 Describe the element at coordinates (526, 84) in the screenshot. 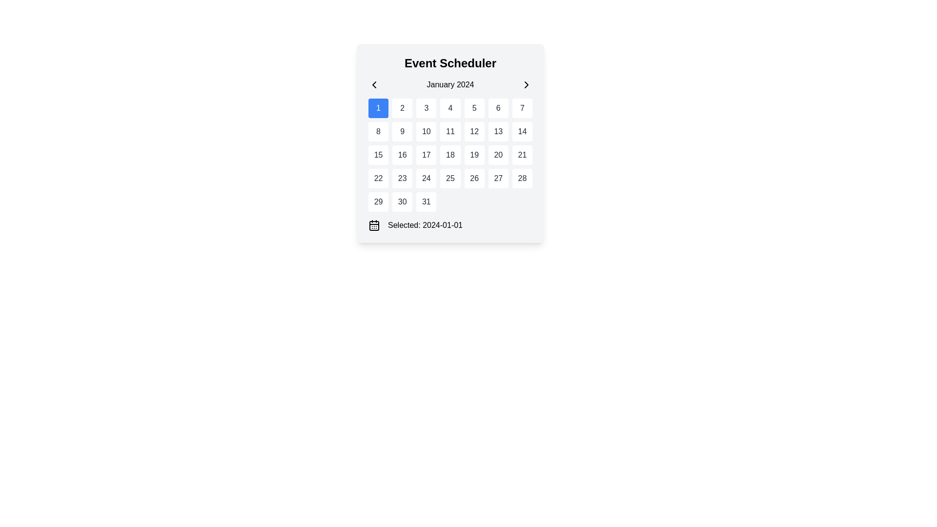

I see `the right arrow icon button next to the text 'January 2024' to trigger hover states` at that location.